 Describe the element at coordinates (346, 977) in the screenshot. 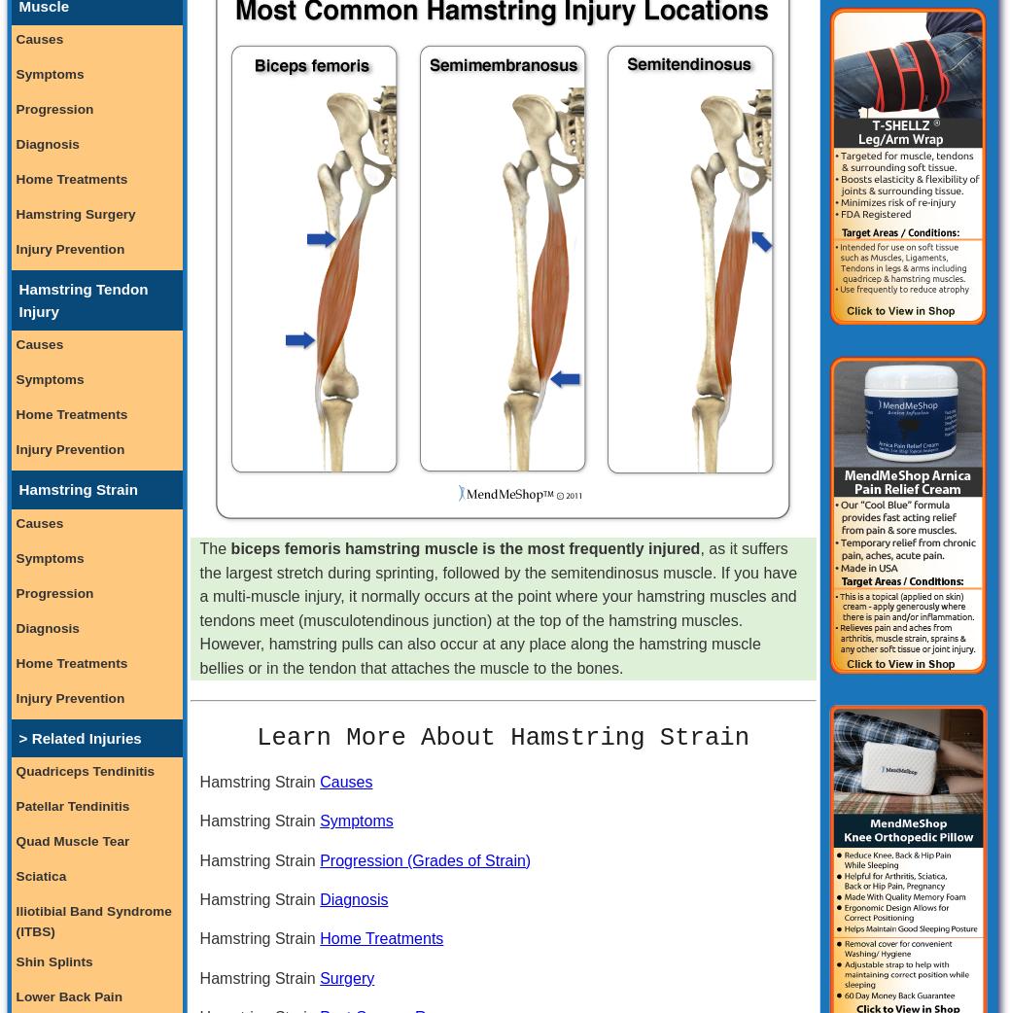

I see `'Surgery'` at that location.